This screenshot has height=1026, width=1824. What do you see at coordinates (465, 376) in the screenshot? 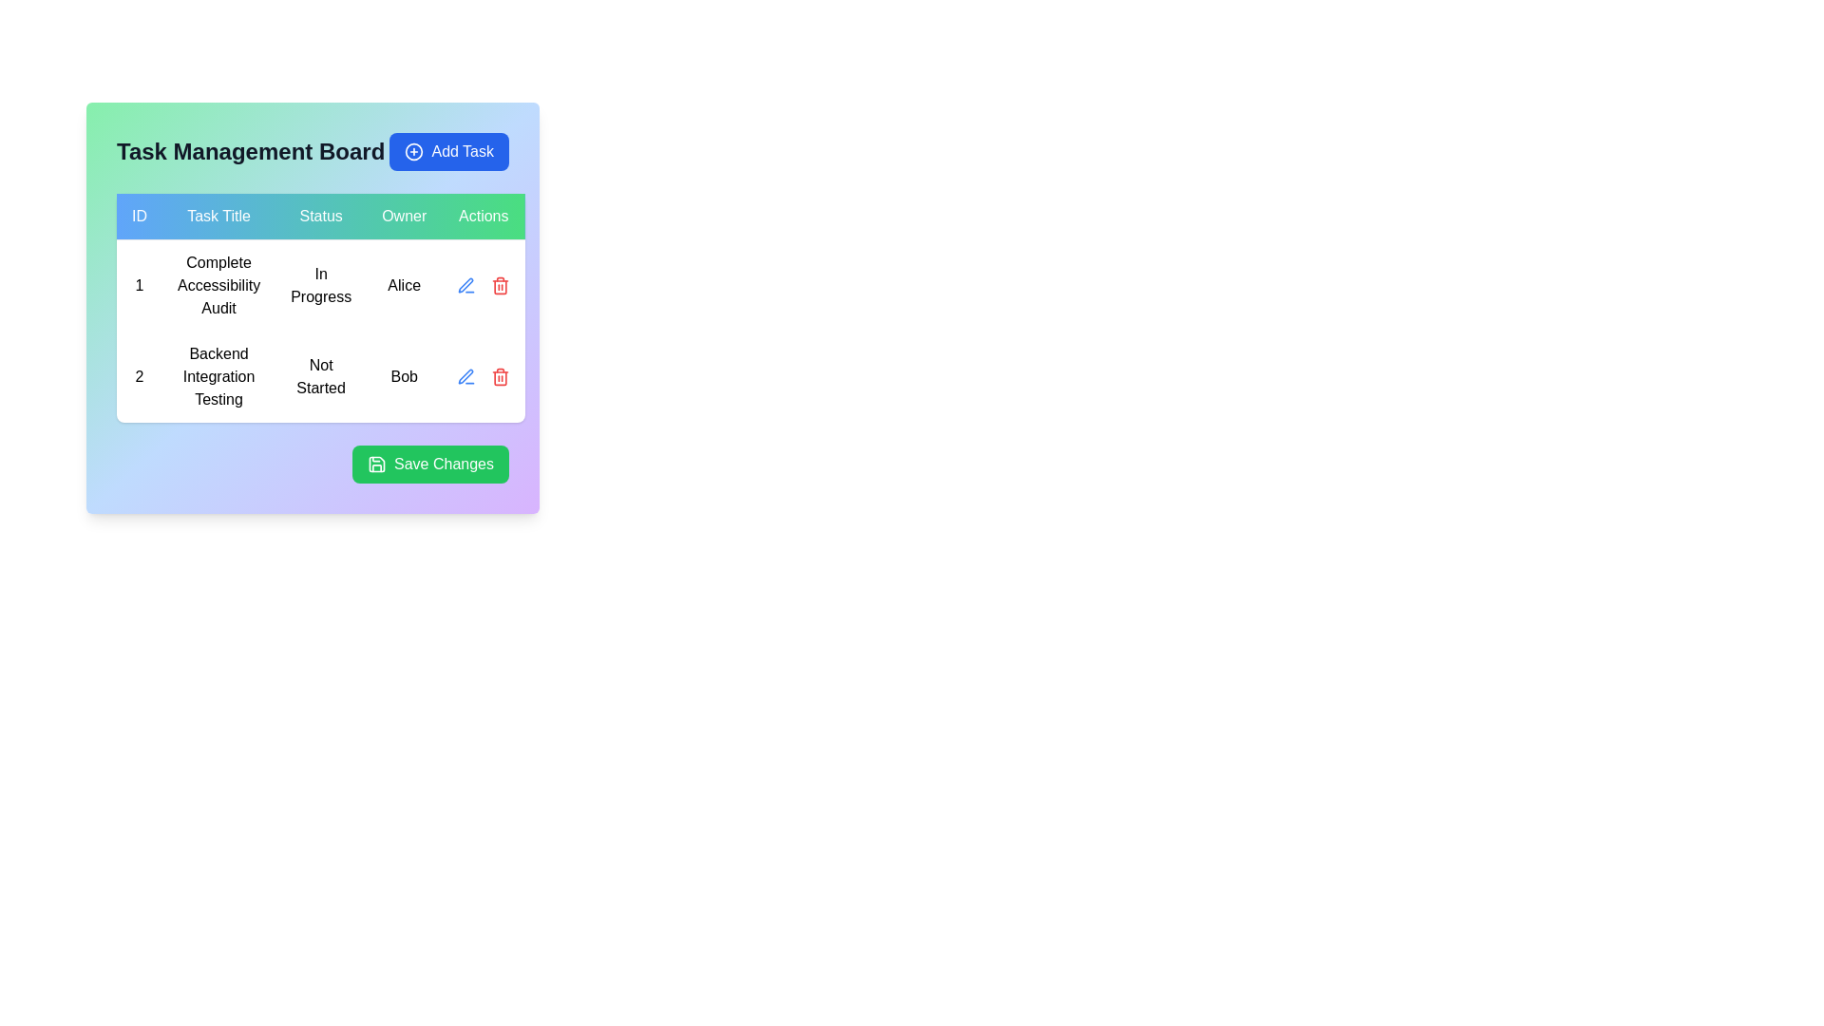
I see `the interactive pen icon button in the 'Actions' column of the second row` at bounding box center [465, 376].